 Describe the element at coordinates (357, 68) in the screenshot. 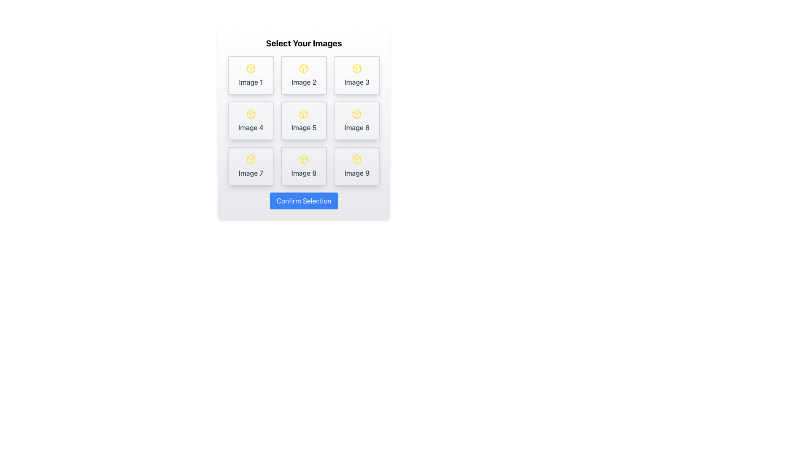

I see `the yellow box icon located in the third cell of the top row in a 3x3 grid layout` at that location.